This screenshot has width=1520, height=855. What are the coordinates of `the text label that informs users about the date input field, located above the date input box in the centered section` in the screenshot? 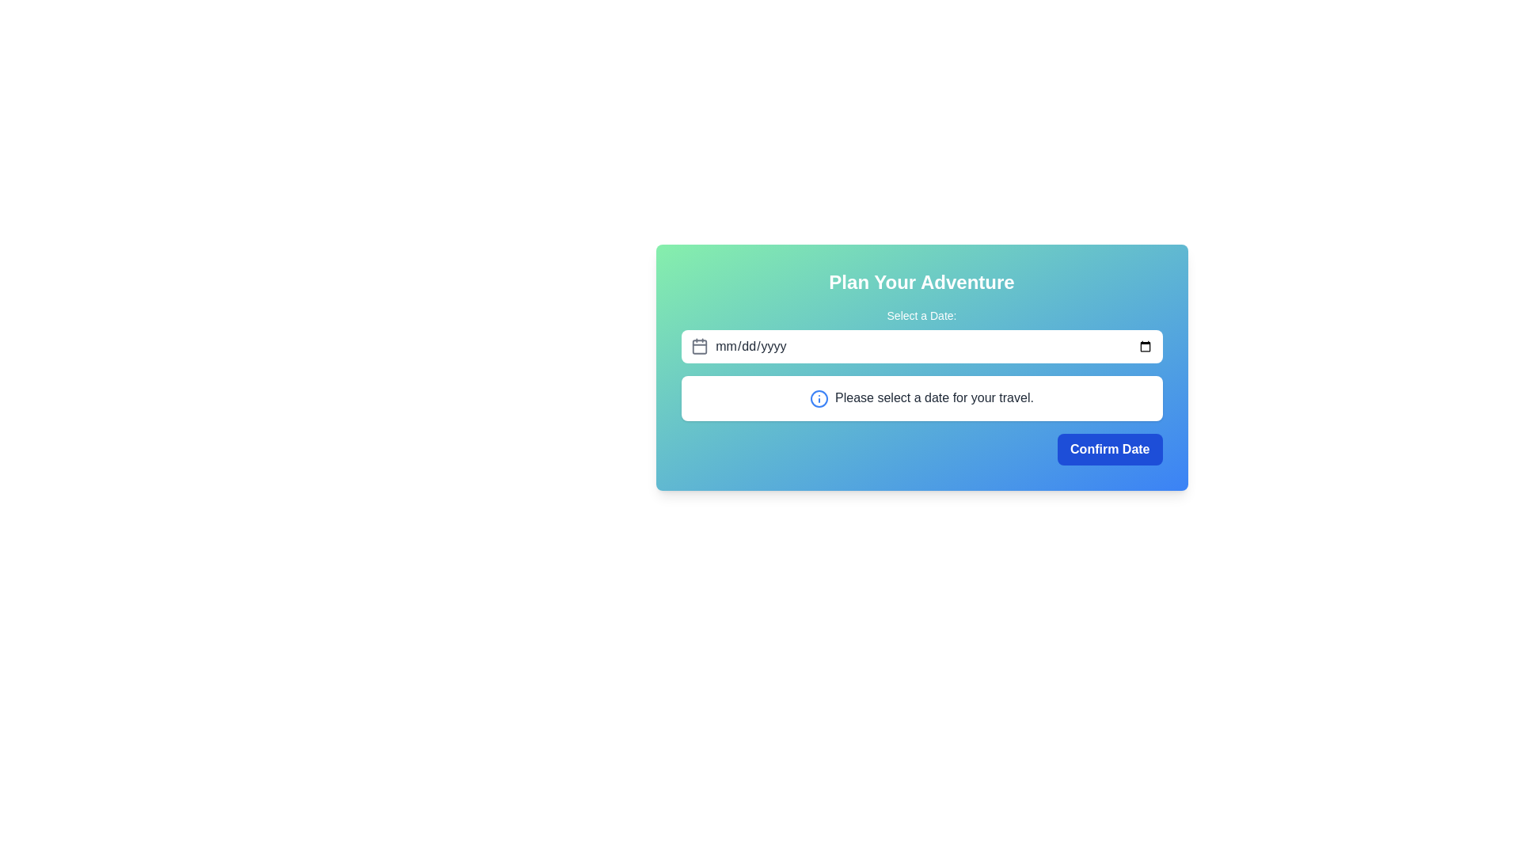 It's located at (921, 335).